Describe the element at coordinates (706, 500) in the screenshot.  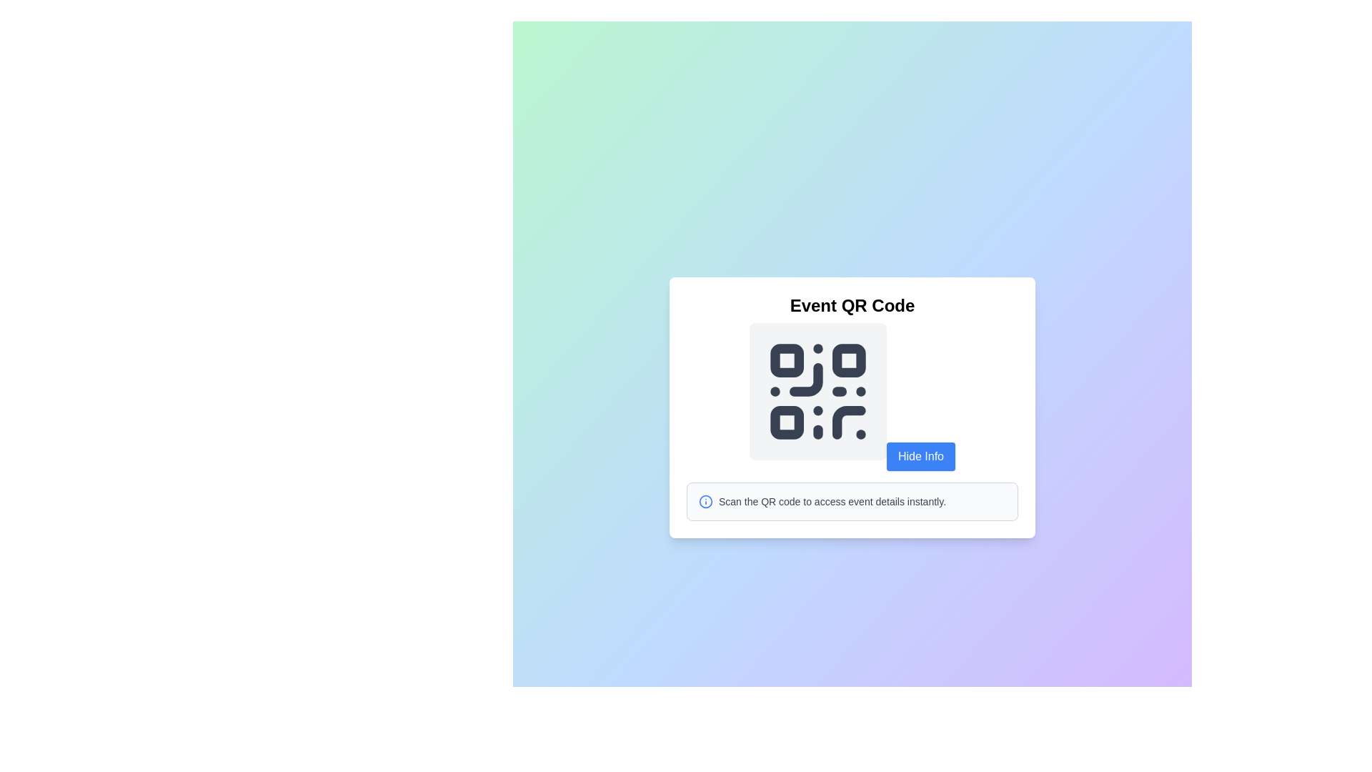
I see `the information icon located to the left of the text 'Scan the QR code` at that location.